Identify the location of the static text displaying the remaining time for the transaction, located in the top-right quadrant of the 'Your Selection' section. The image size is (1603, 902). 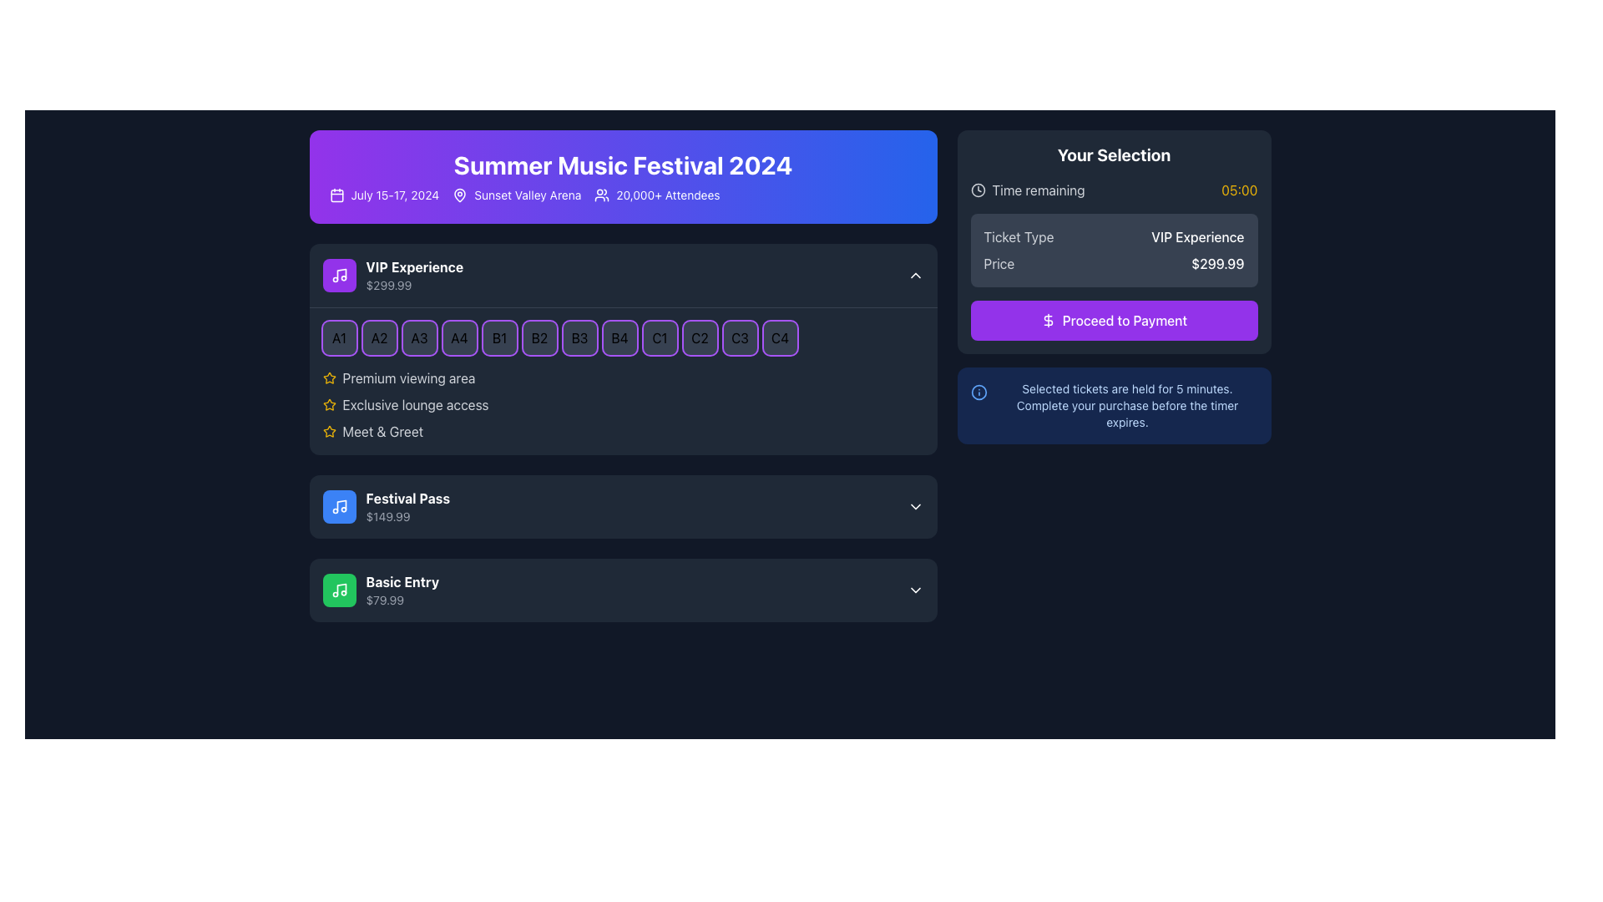
(1239, 189).